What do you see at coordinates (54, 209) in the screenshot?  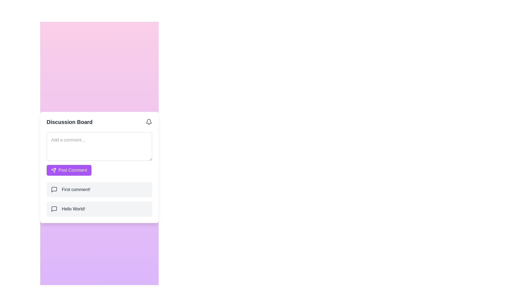 I see `the small square speech bubble icon located to the left of the 'Hello World!' text in the discussion board interface, which has a minimalist gray stroke-based outline and rounded corners` at bounding box center [54, 209].